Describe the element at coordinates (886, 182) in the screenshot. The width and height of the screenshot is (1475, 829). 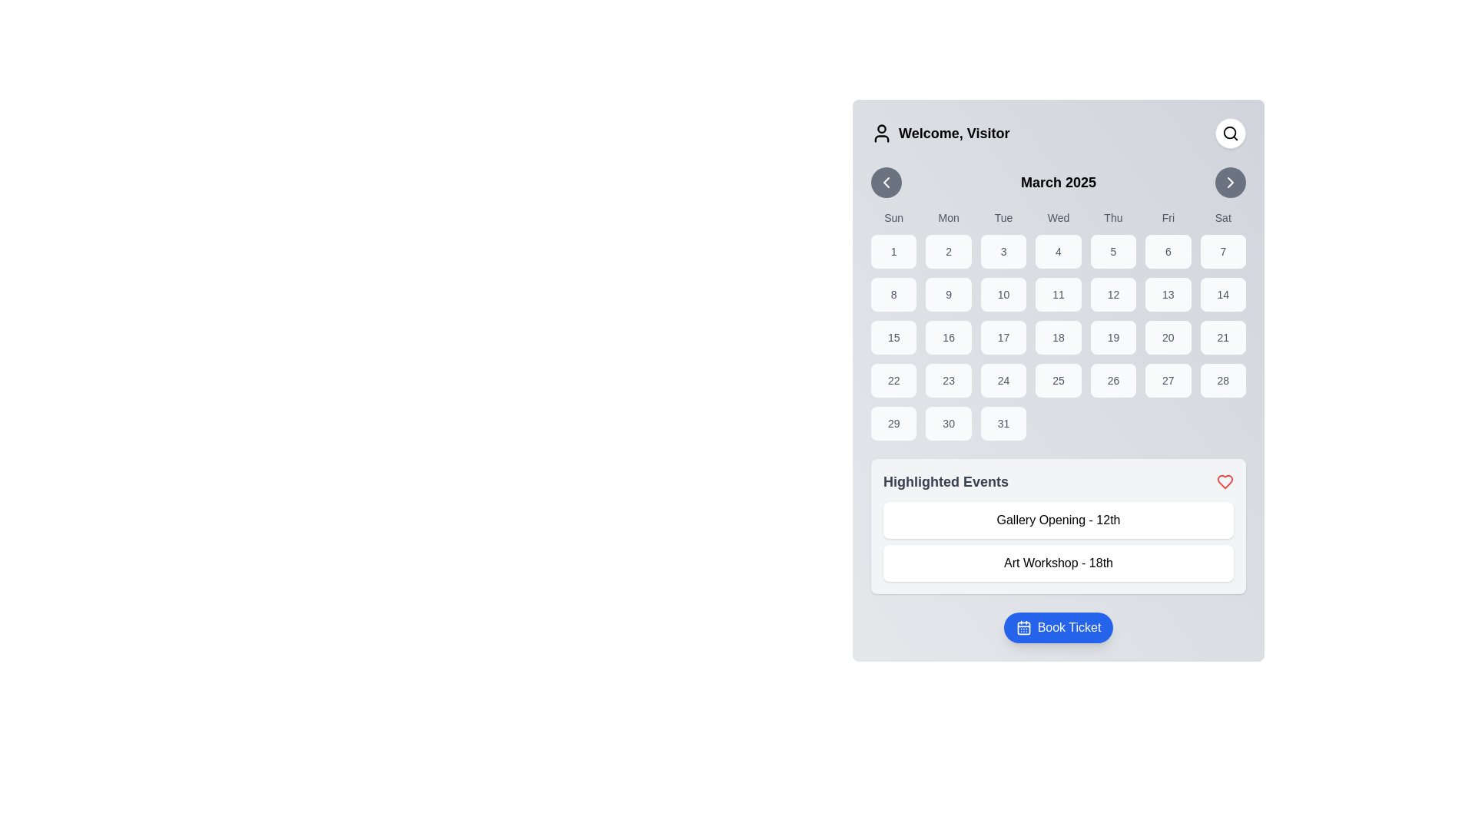
I see `the navigational arrow icon located in the header section, adjacent to the Welcome label` at that location.